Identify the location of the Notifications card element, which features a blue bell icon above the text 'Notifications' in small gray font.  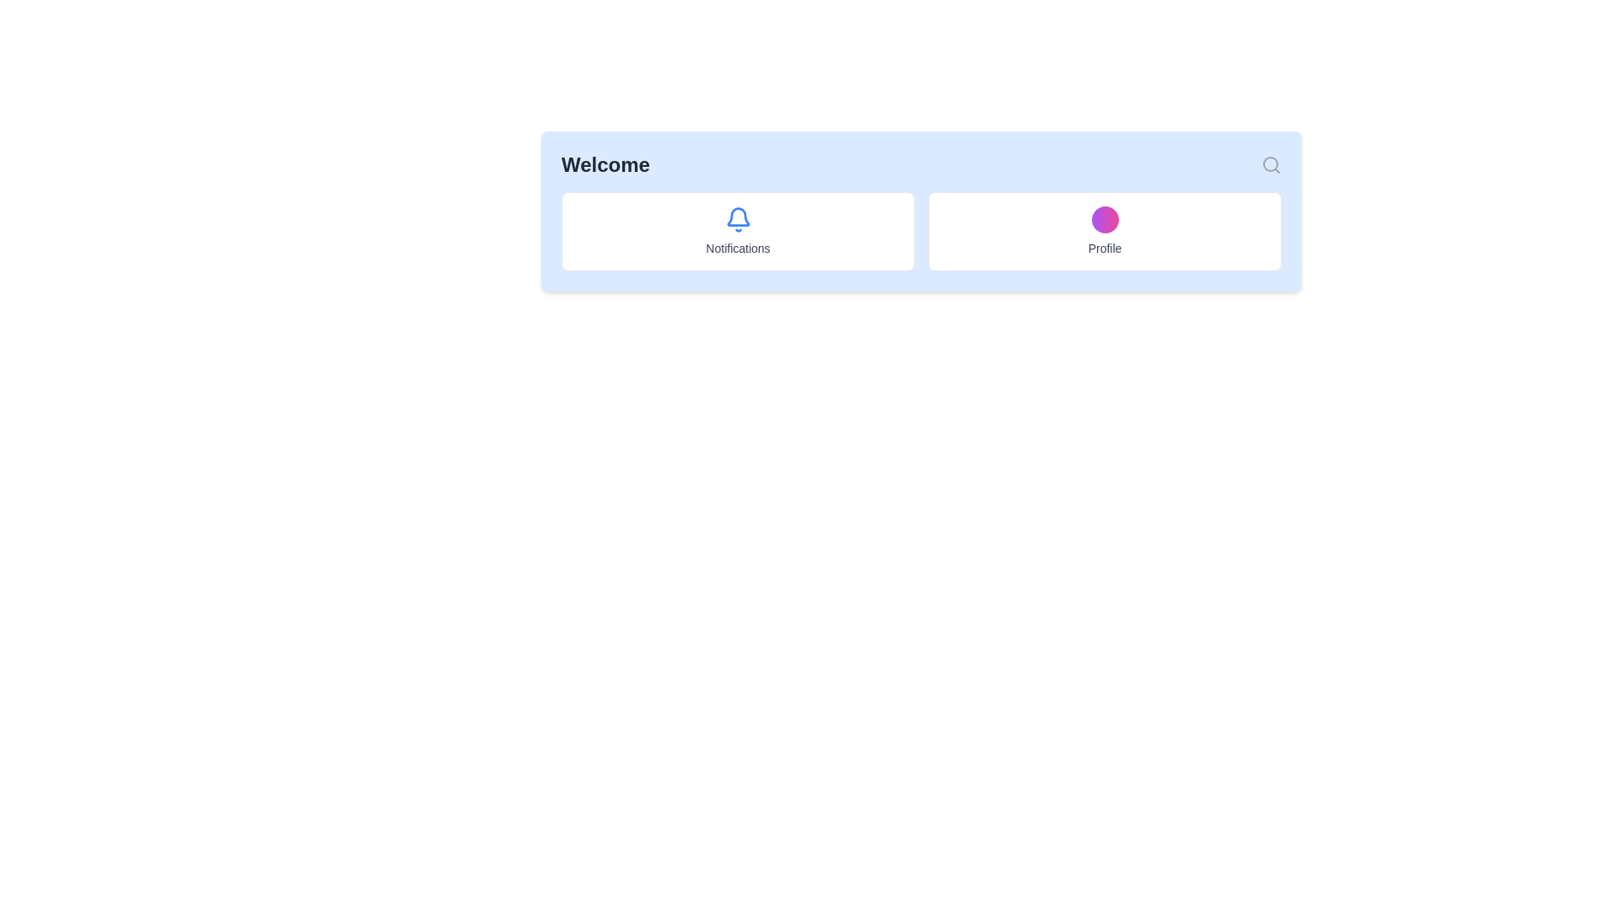
(738, 231).